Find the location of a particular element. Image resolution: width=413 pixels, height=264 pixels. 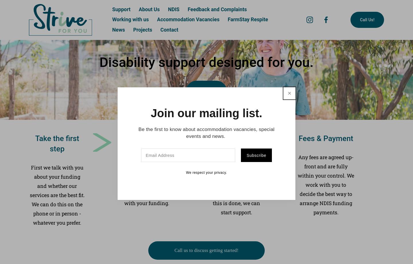

'Co-development' is located at coordinates (146, 138).